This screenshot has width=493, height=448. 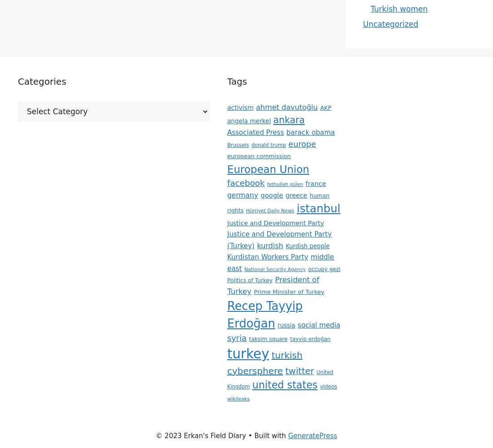 What do you see at coordinates (272, 285) in the screenshot?
I see `'President of Turkey'` at bounding box center [272, 285].